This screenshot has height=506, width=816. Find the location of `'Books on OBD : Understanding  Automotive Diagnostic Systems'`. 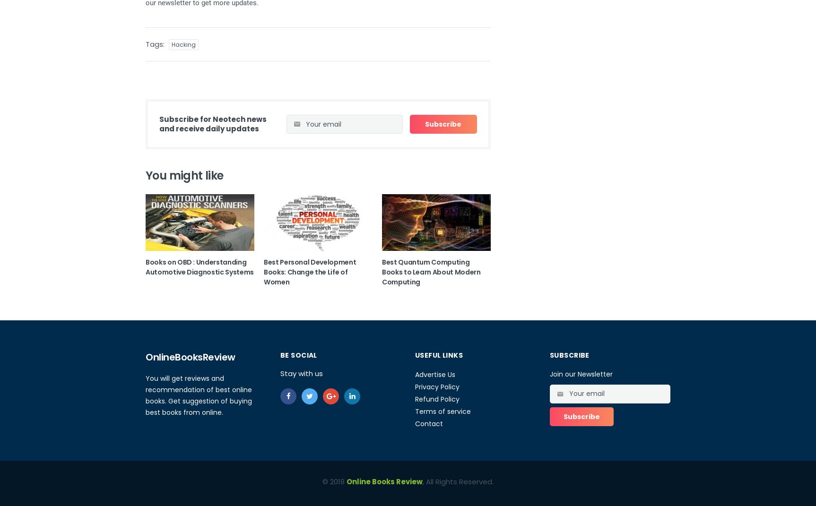

'Books on OBD : Understanding  Automotive Diagnostic Systems' is located at coordinates (145, 267).